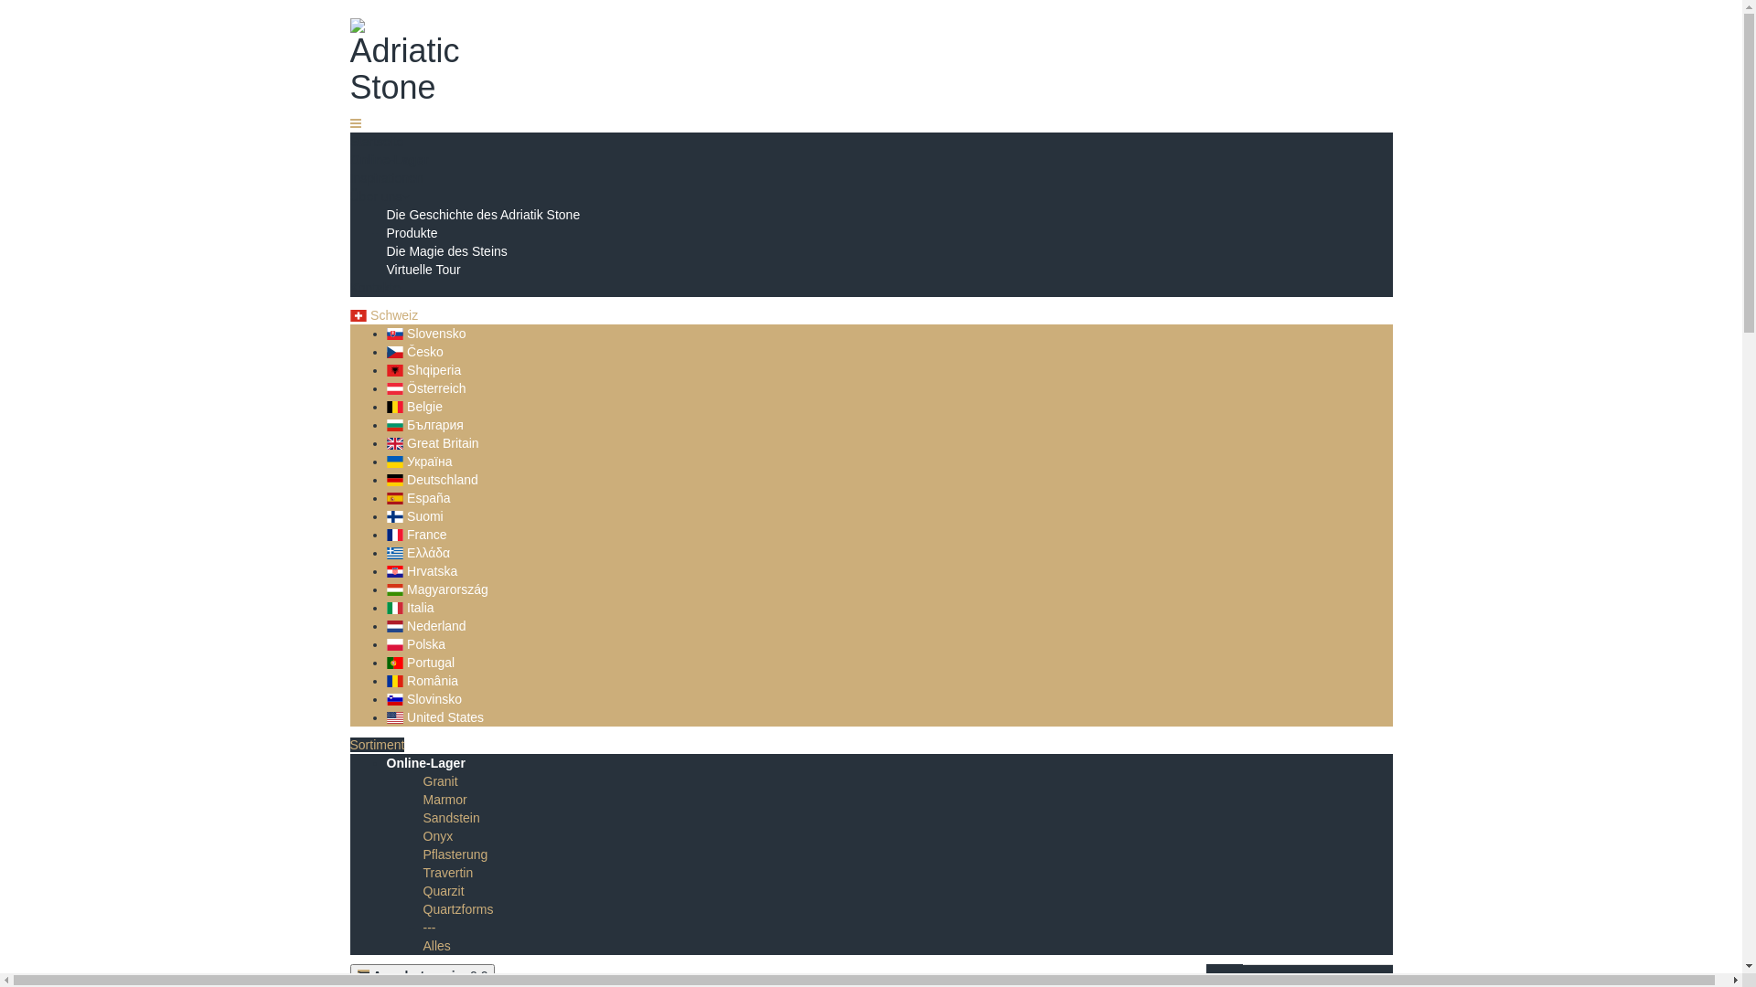 The height and width of the screenshot is (987, 1756). I want to click on ' Hrvatska', so click(385, 569).